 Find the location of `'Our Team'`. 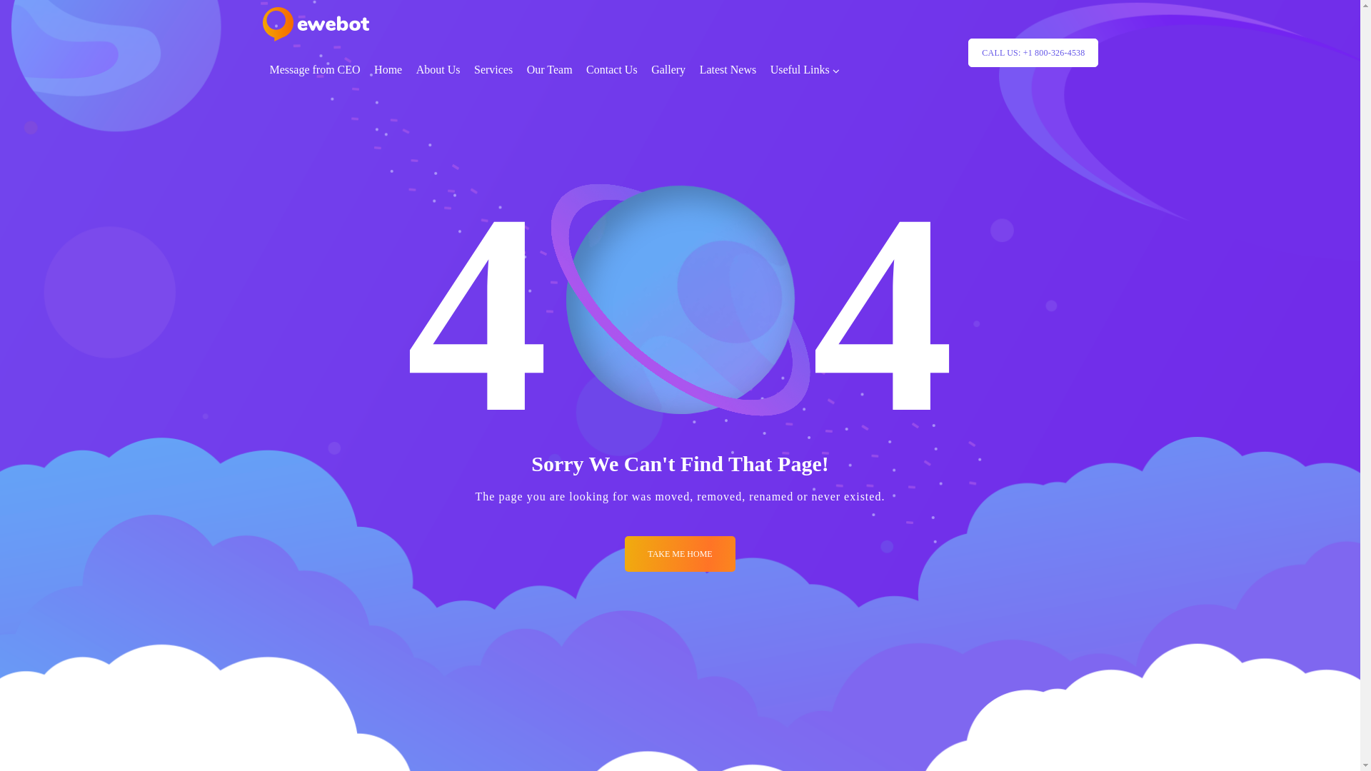

'Our Team' is located at coordinates (526, 69).